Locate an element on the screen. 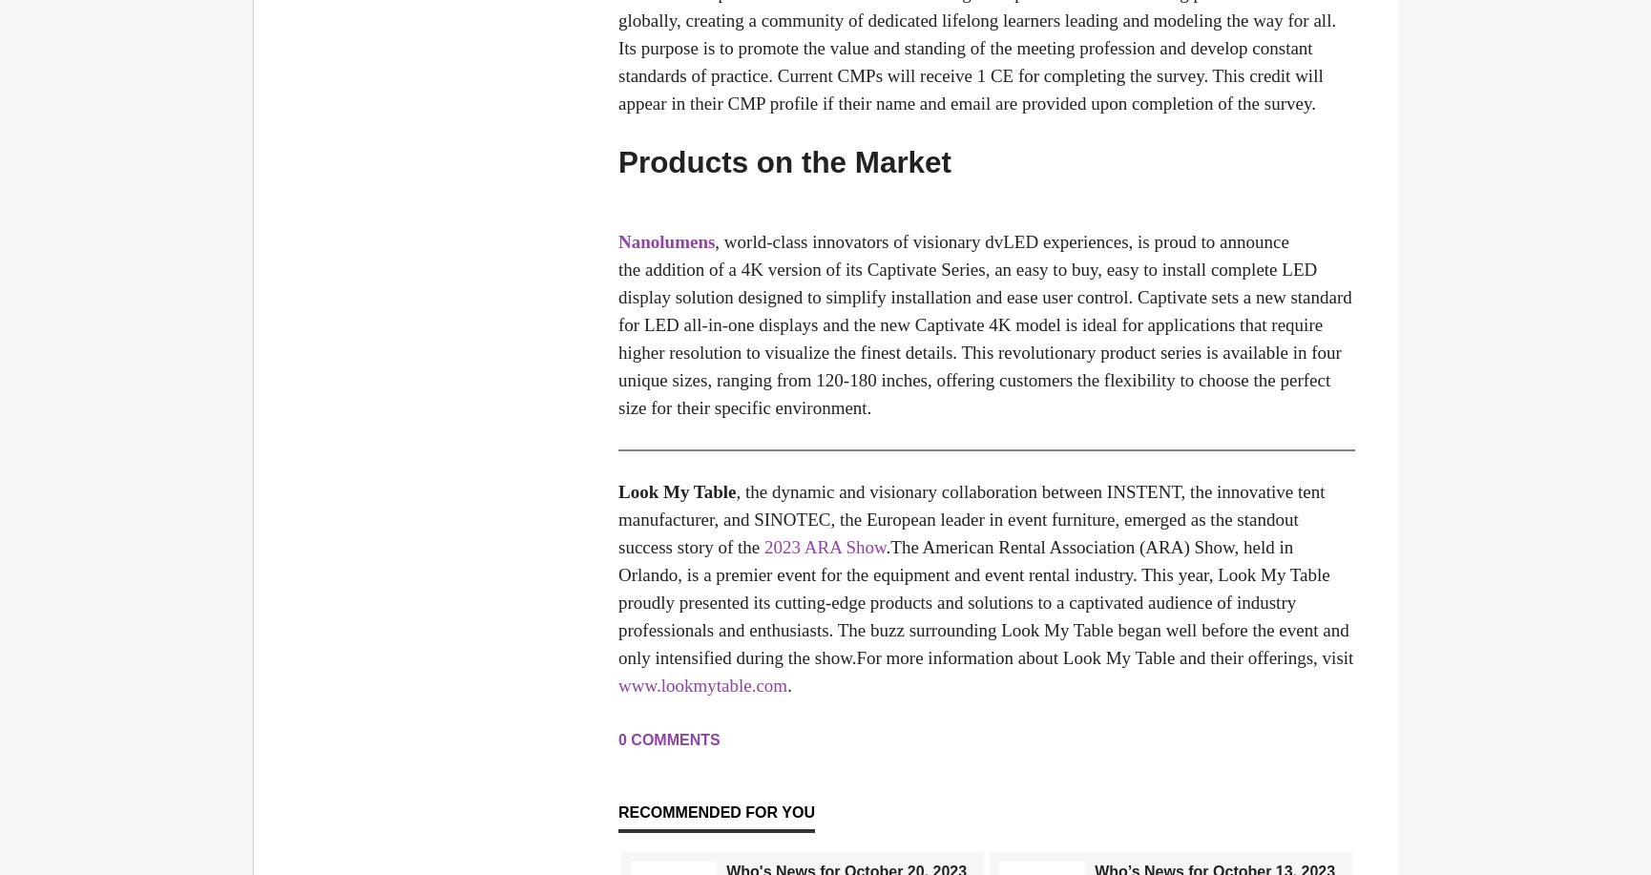 This screenshot has width=1651, height=875. 'Nanolumens' is located at coordinates (666, 240).